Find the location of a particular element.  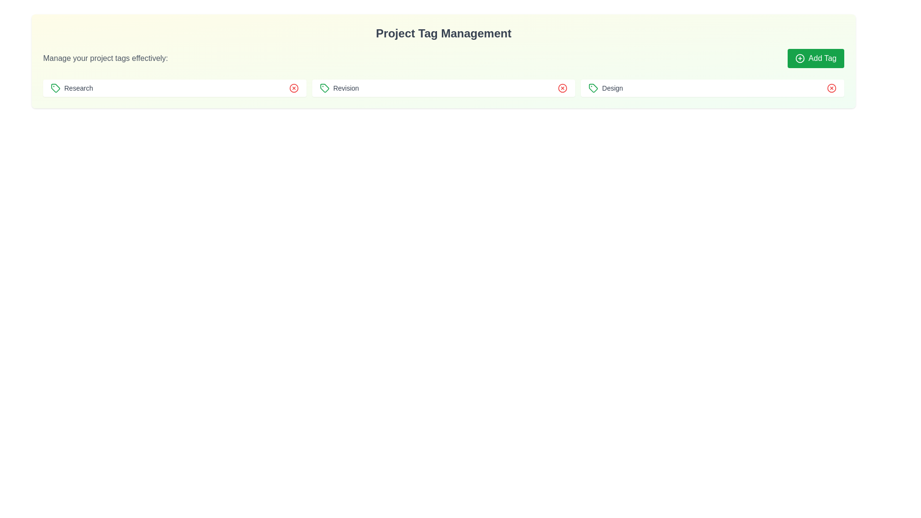

the 'Design' label adjacent to the green tag icon located in the top-right portion of the layout, which is the third tag from the left is located at coordinates (605, 88).